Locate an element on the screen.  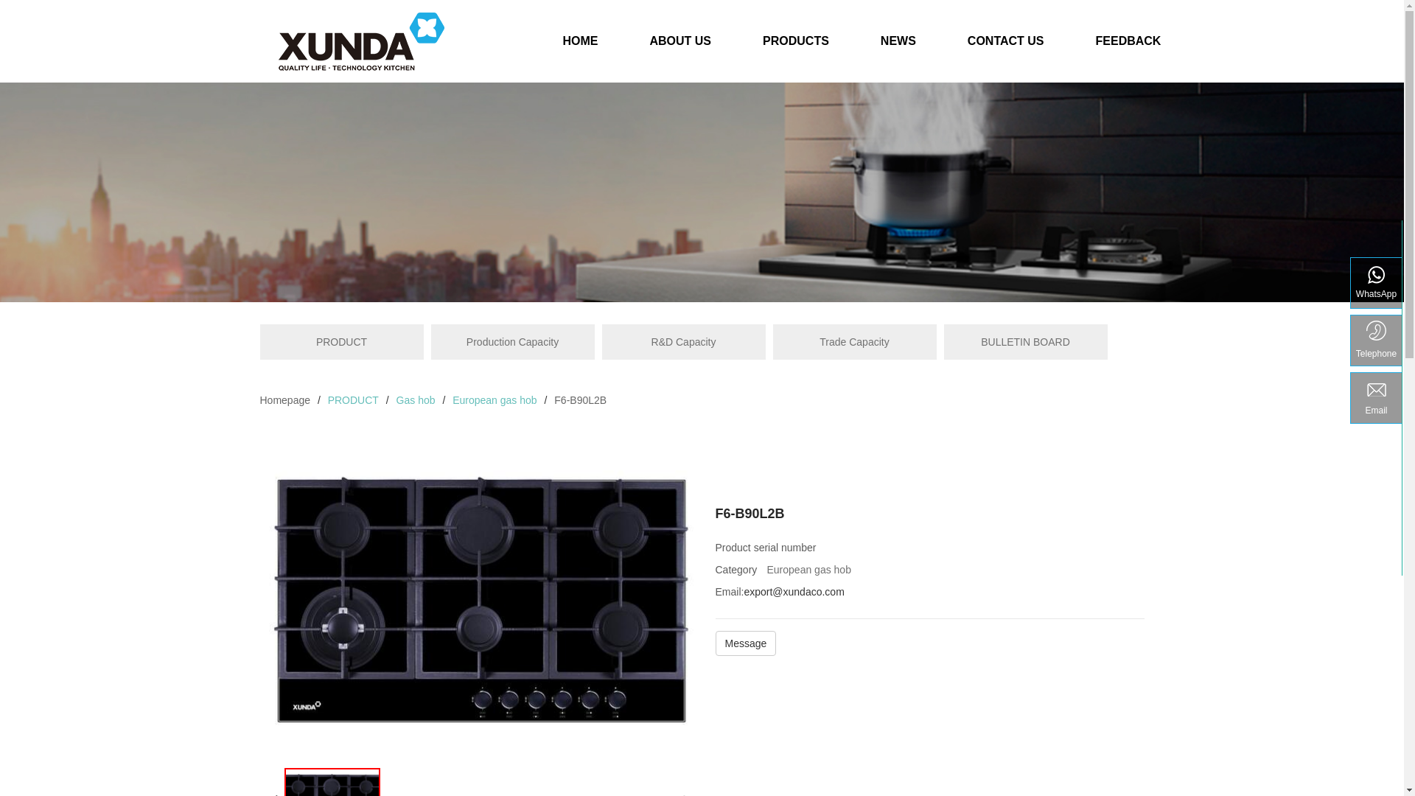
'NEWS' is located at coordinates (898, 46).